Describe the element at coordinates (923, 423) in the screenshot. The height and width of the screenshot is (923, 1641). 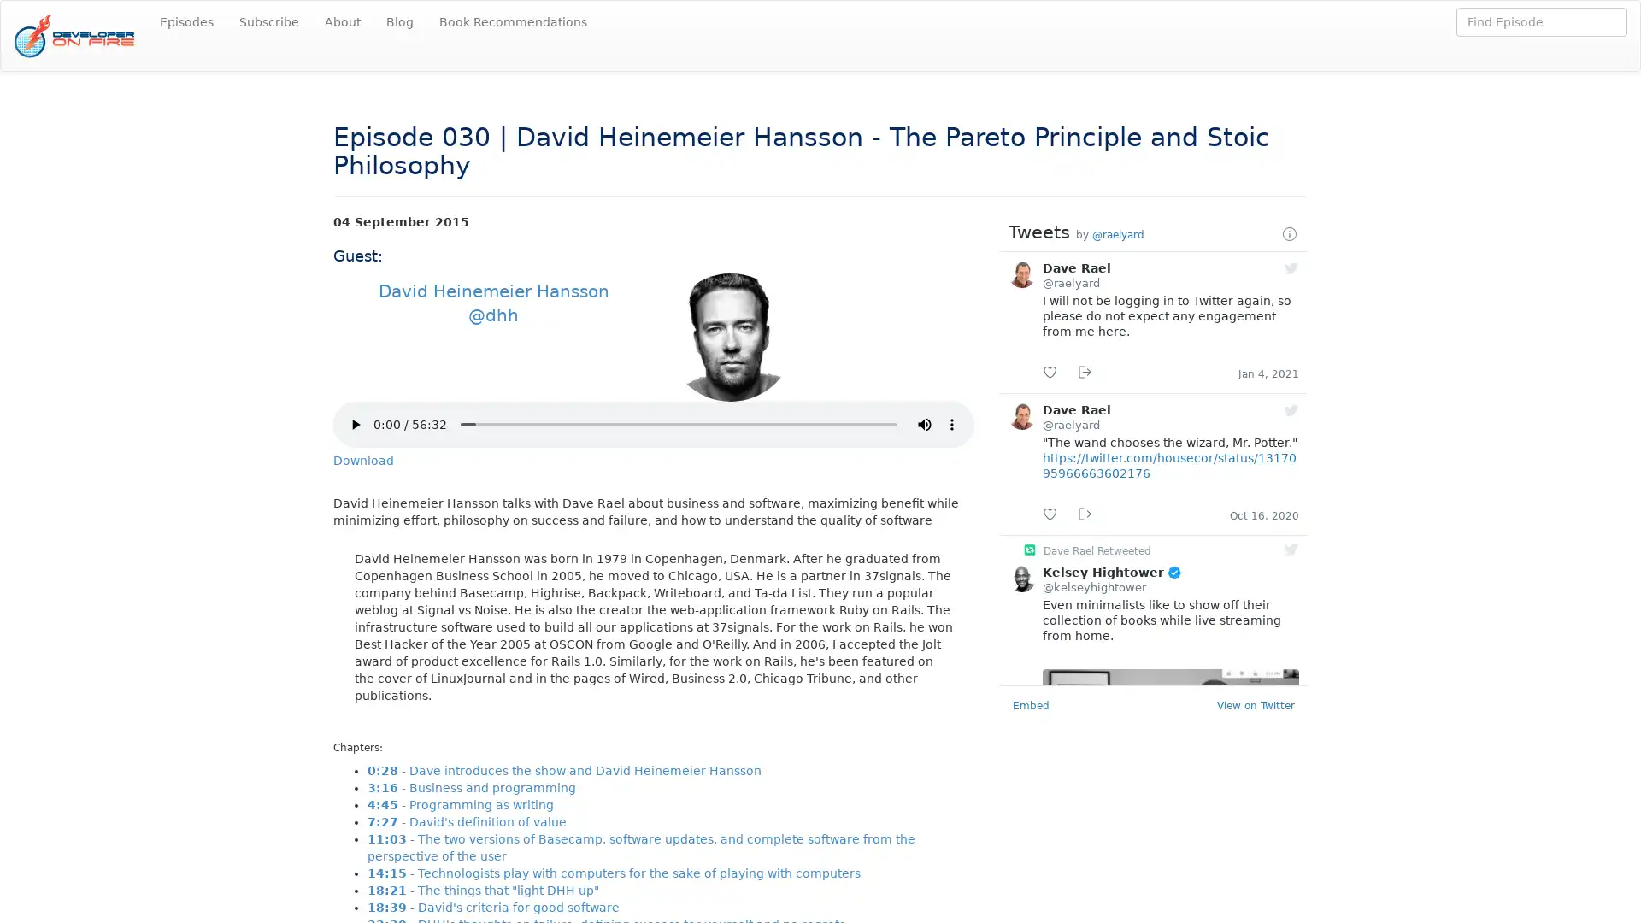
I see `mute` at that location.